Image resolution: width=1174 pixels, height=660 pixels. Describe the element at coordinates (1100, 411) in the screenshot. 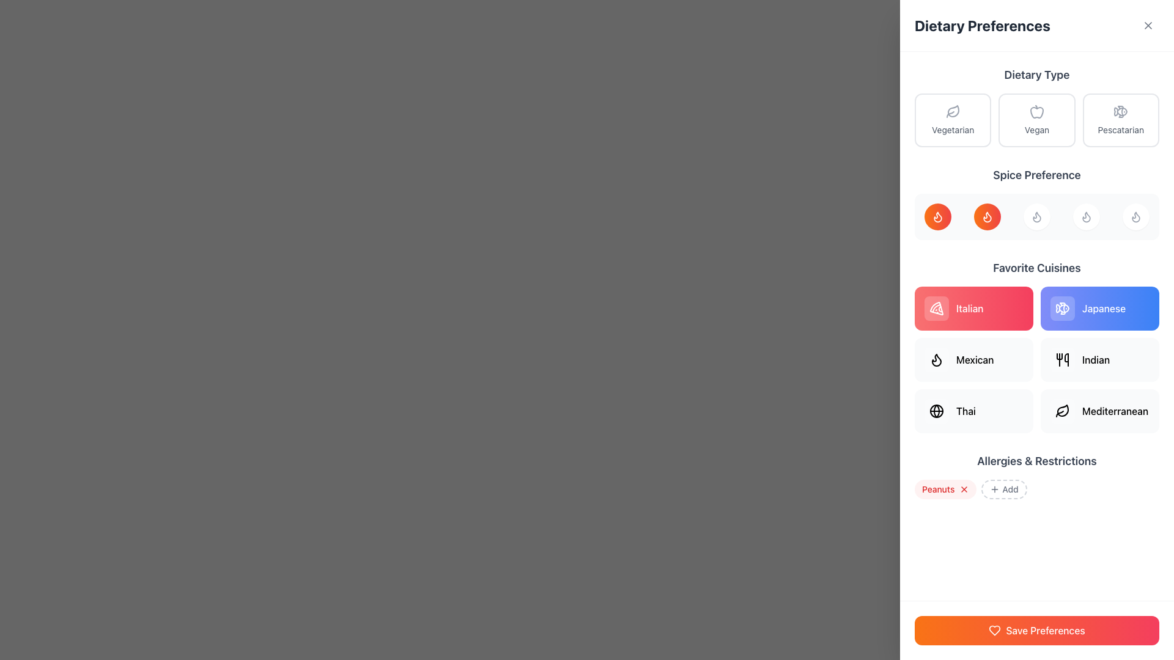

I see `the 'Mediterranean' button, which is a rectangular button with a light gray background and a black leaf icon, located in the 'Favorite Cuisines' grid as the last item in the bottom row` at that location.